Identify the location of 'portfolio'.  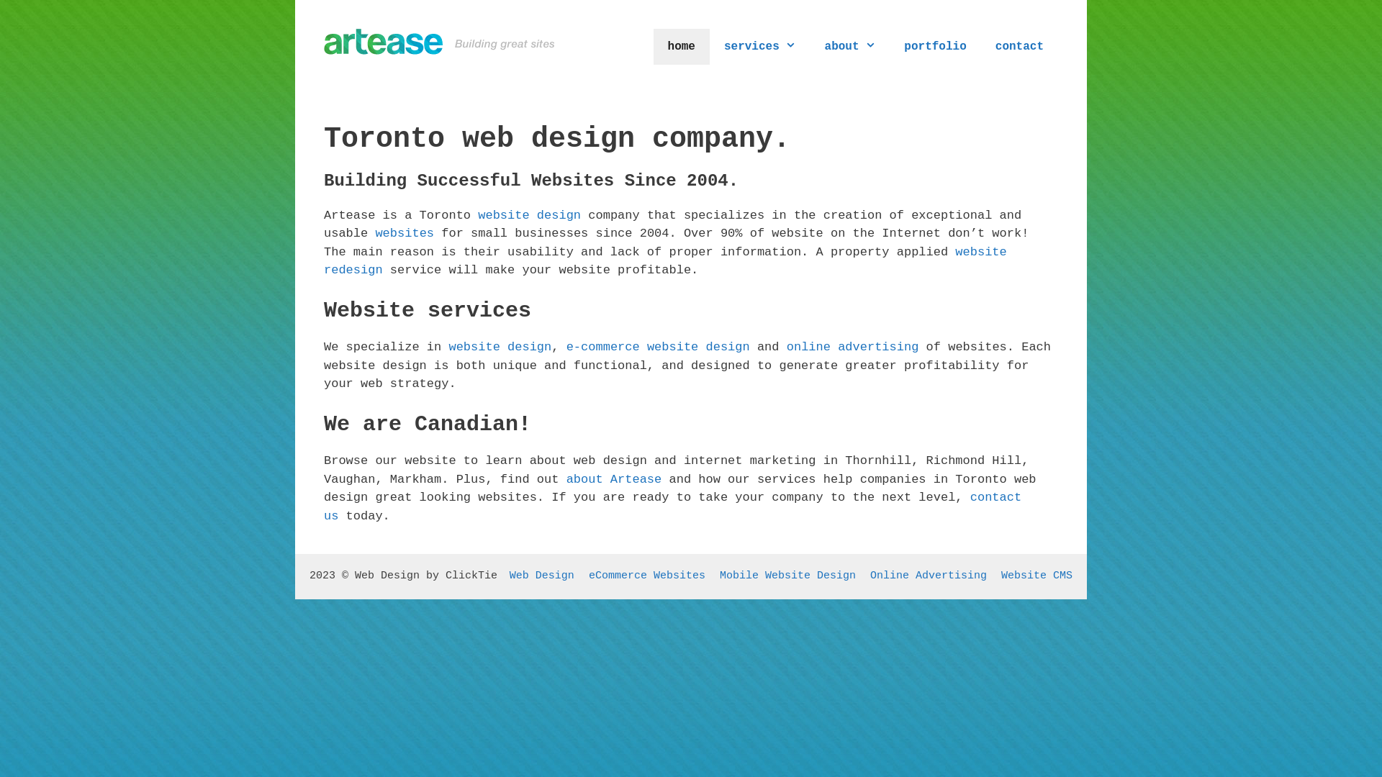
(935, 46).